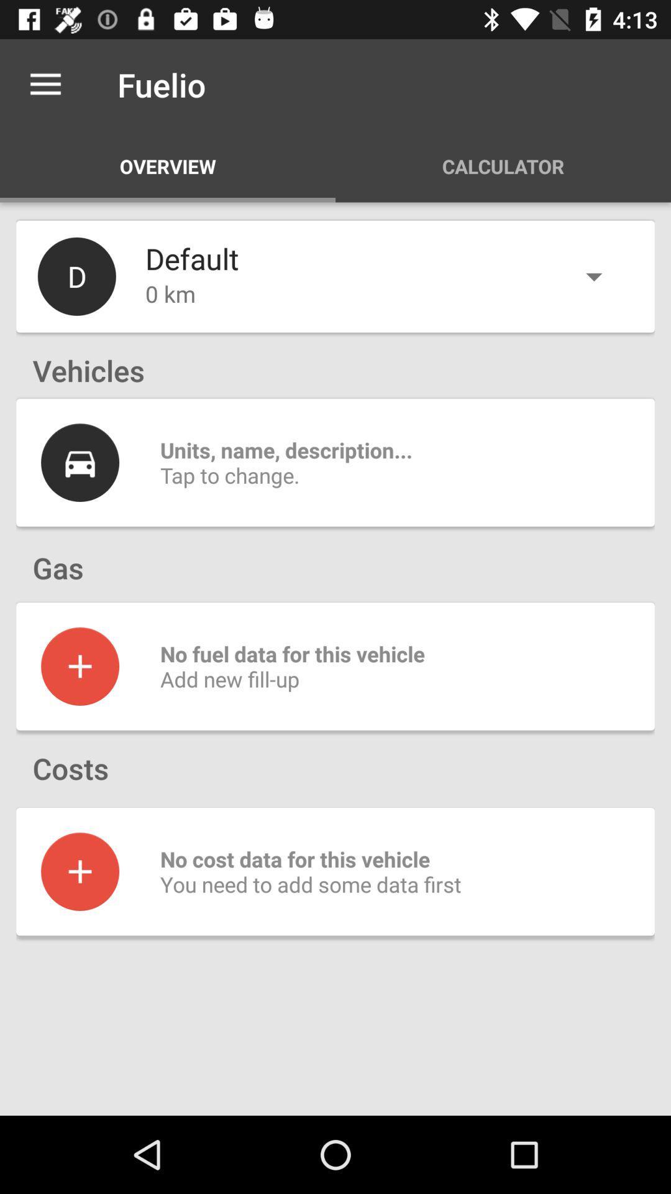 This screenshot has width=671, height=1194. What do you see at coordinates (80, 665) in the screenshot?
I see `to go screenshot` at bounding box center [80, 665].